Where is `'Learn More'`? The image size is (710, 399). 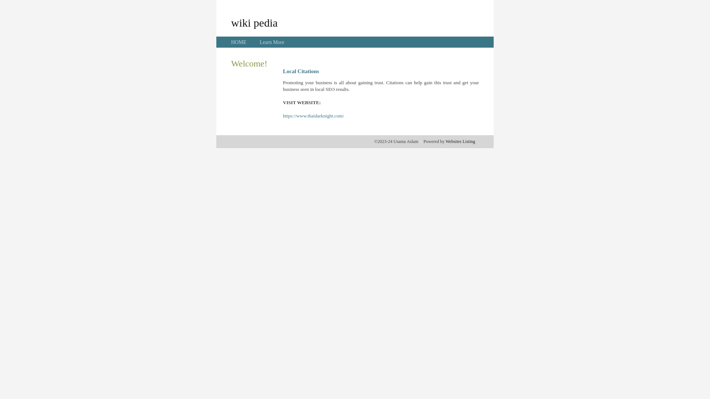 'Learn More' is located at coordinates (259, 42).